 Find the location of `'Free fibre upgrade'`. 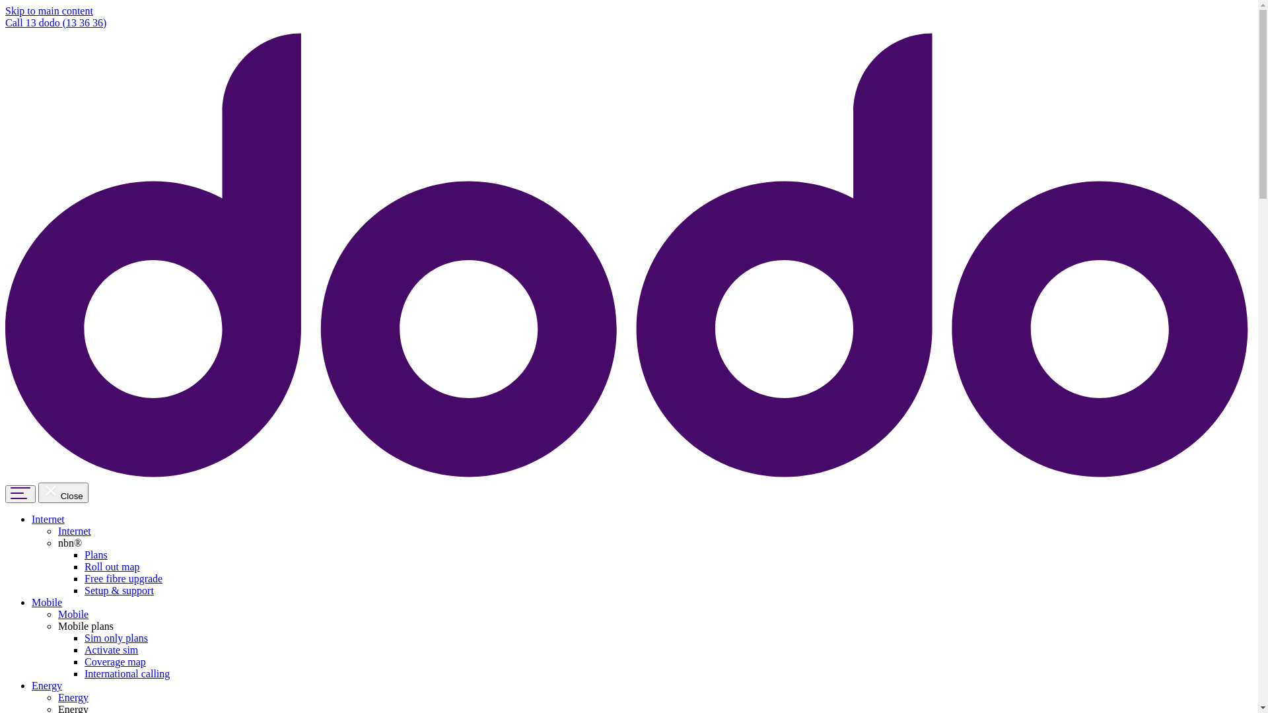

'Free fibre upgrade' is located at coordinates (123, 578).